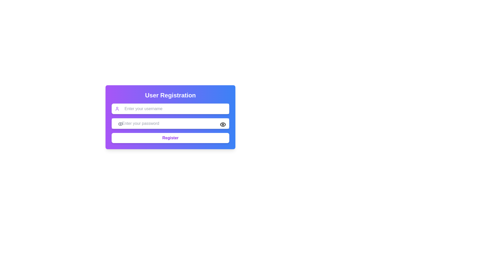 The image size is (487, 274). What do you see at coordinates (120, 124) in the screenshot?
I see `the password visibility toggle icon located inside the password input field of the 'User Registration' form` at bounding box center [120, 124].